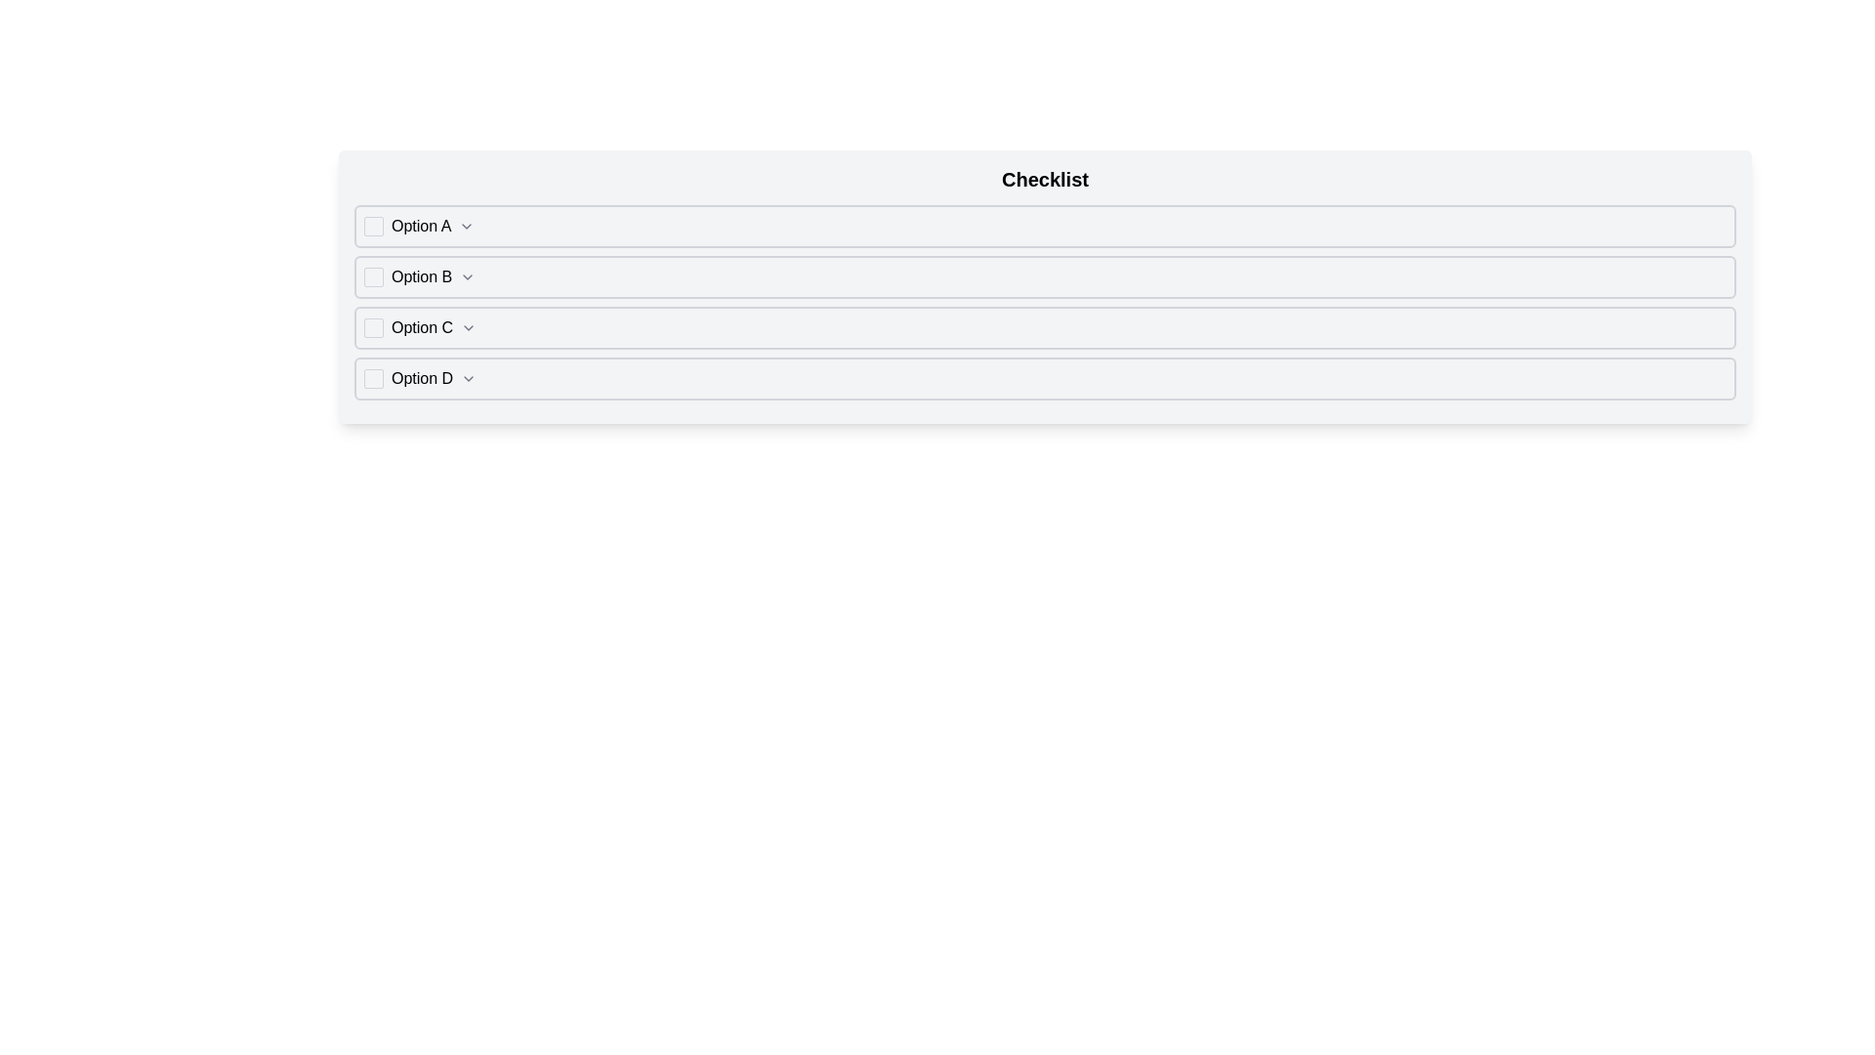 Image resolution: width=1875 pixels, height=1055 pixels. What do you see at coordinates (374, 277) in the screenshot?
I see `the checkbox located at the left side of the row labeled 'Option B'` at bounding box center [374, 277].